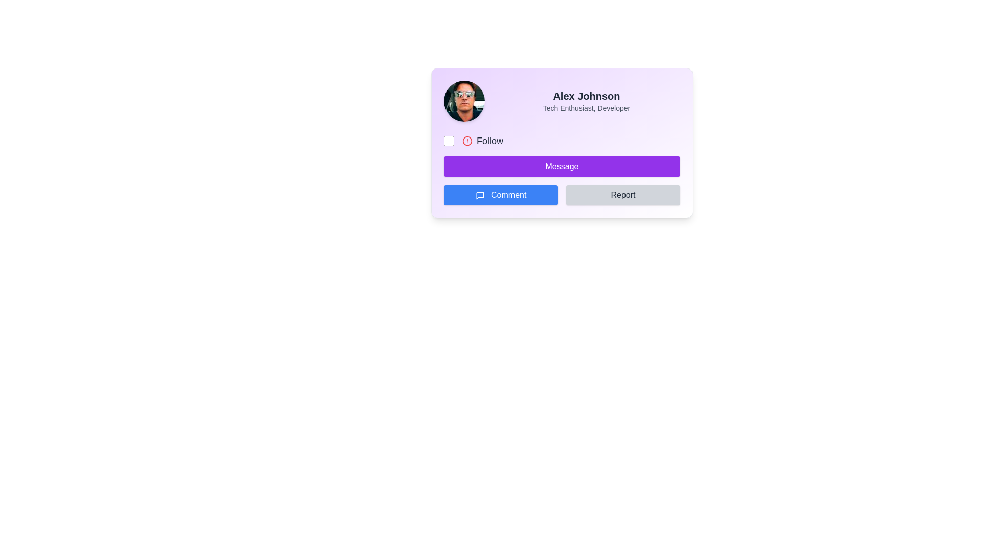 The width and height of the screenshot is (982, 552). Describe the element at coordinates (587, 108) in the screenshot. I see `the Static text component displaying 'Tech Enthusiast, Developer', which is positioned beneath 'Alex Johnson' in the user profile card` at that location.